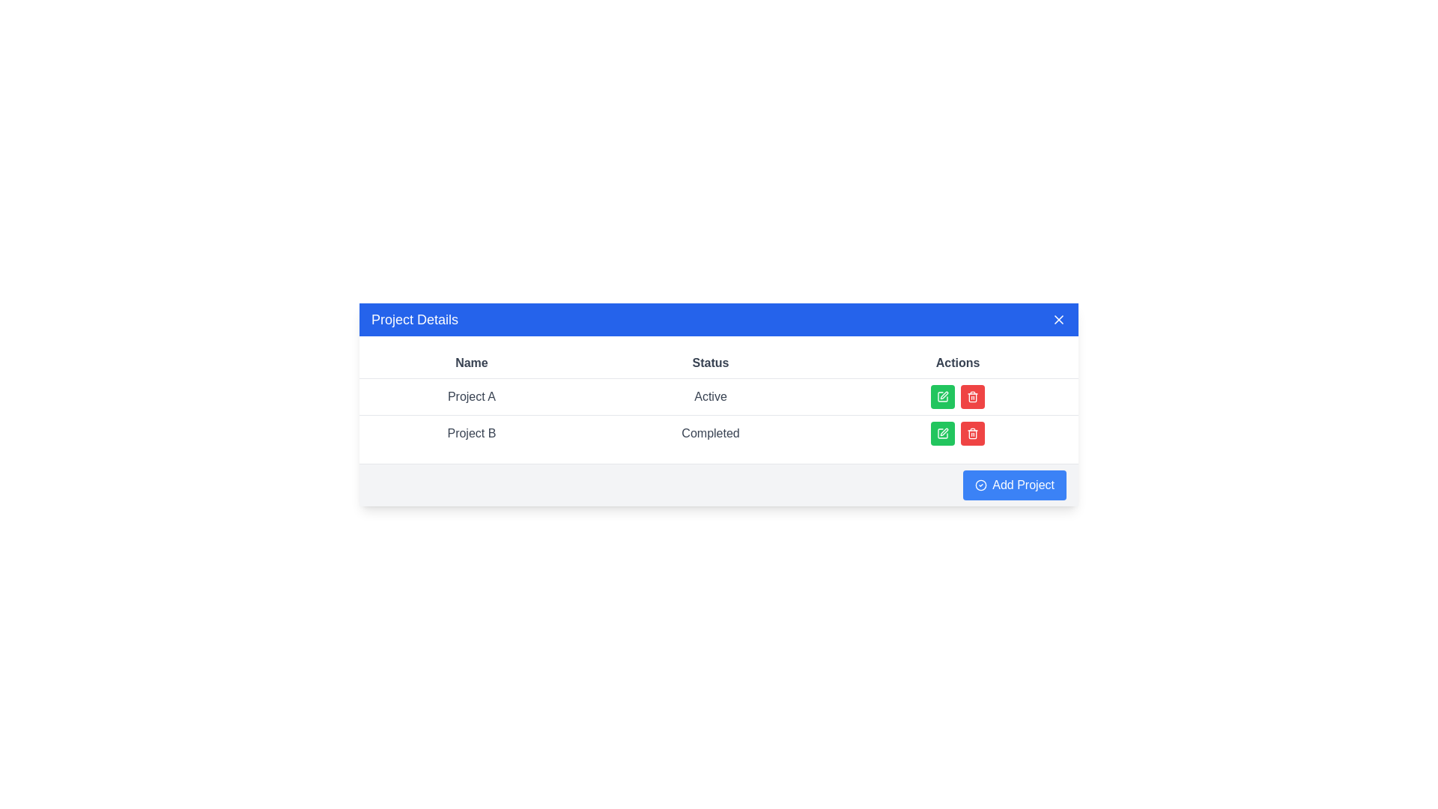  Describe the element at coordinates (710, 396) in the screenshot. I see `the 'Active' text label, which is styled with padding and centered alignment in the 'Status' column of the 'Project A' row` at that location.